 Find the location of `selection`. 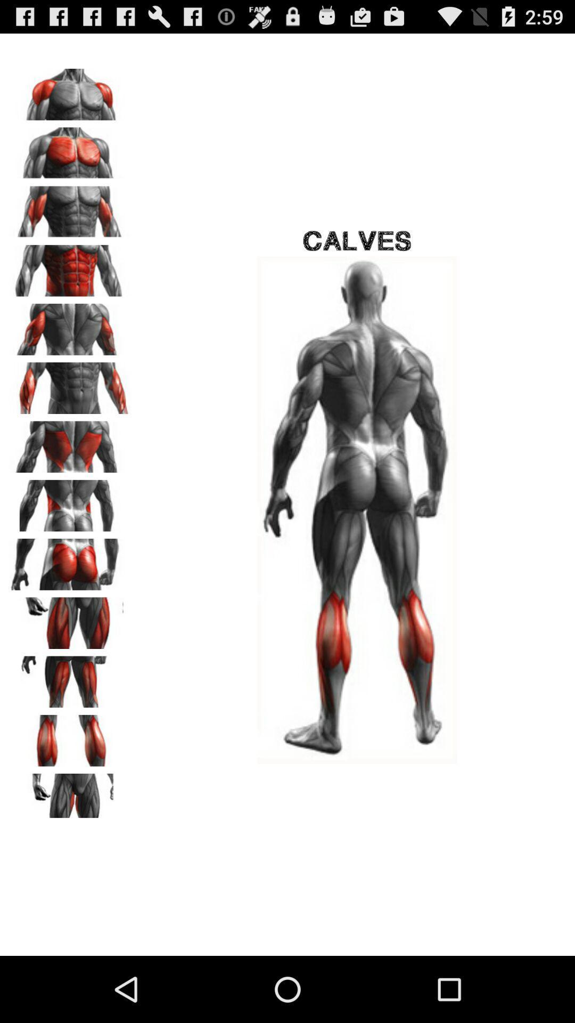

selection is located at coordinates (70, 736).